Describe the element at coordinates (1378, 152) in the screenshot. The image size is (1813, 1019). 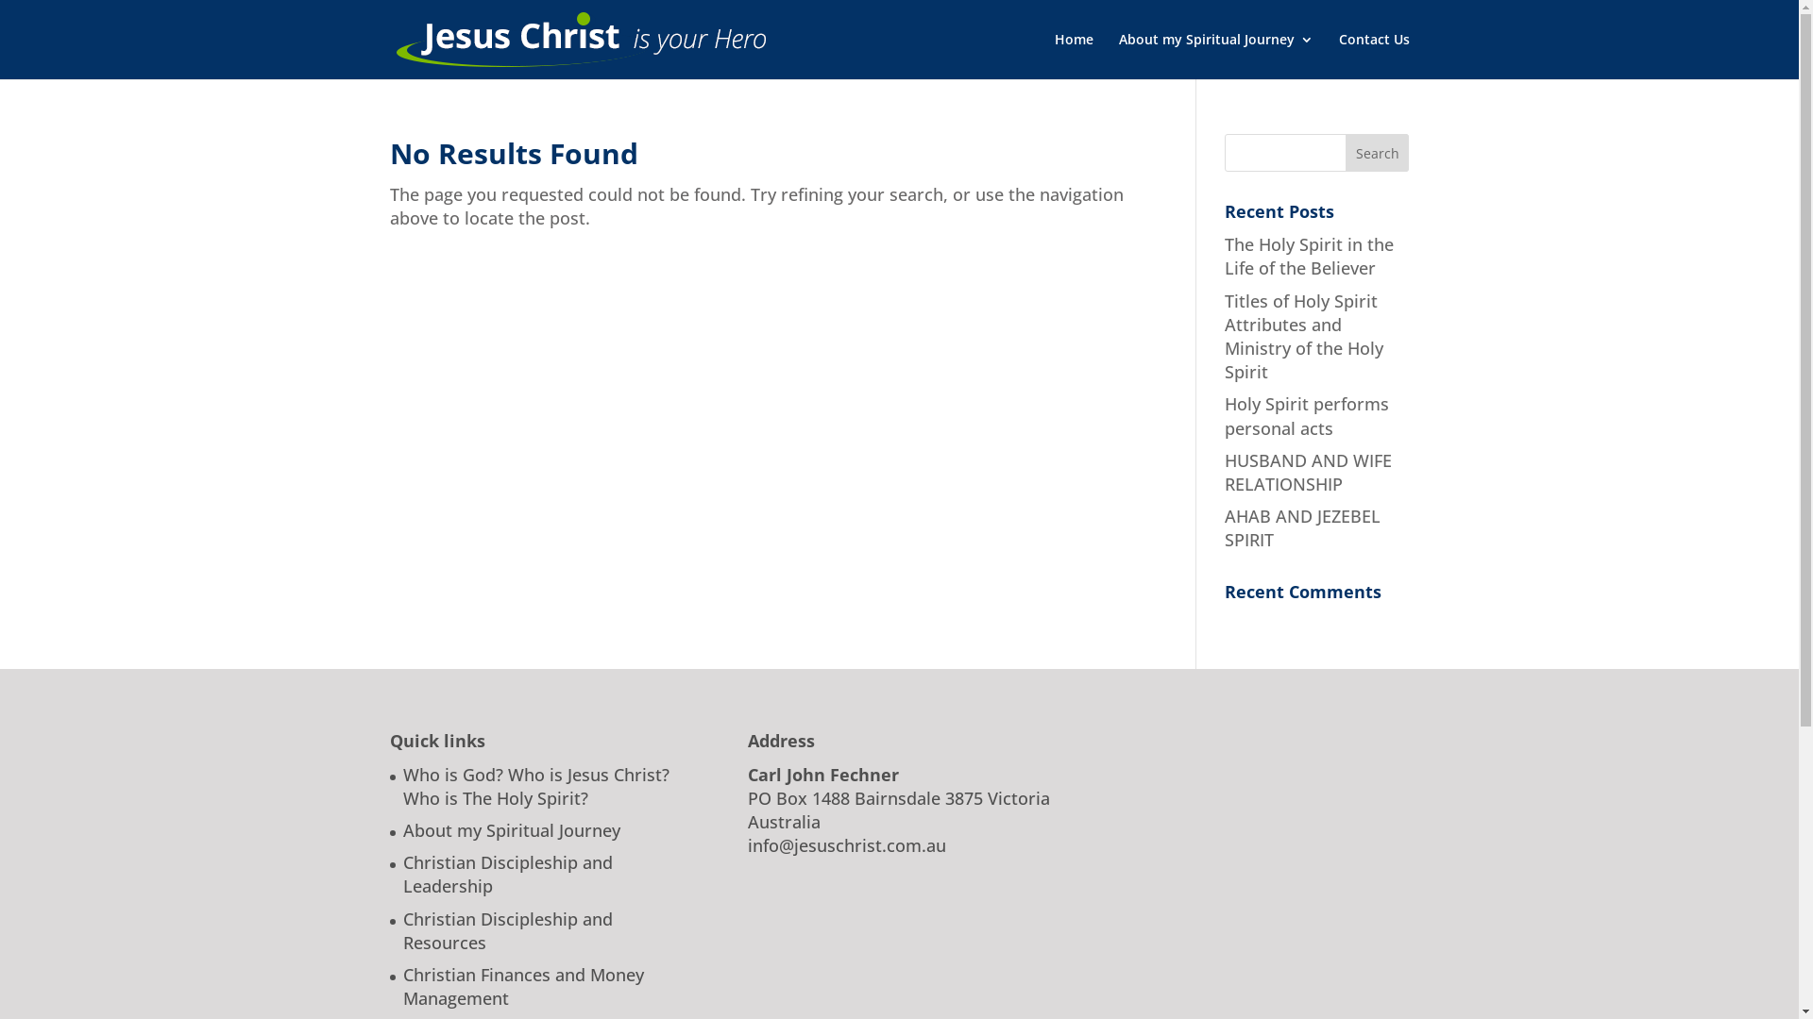
I see `'Search'` at that location.